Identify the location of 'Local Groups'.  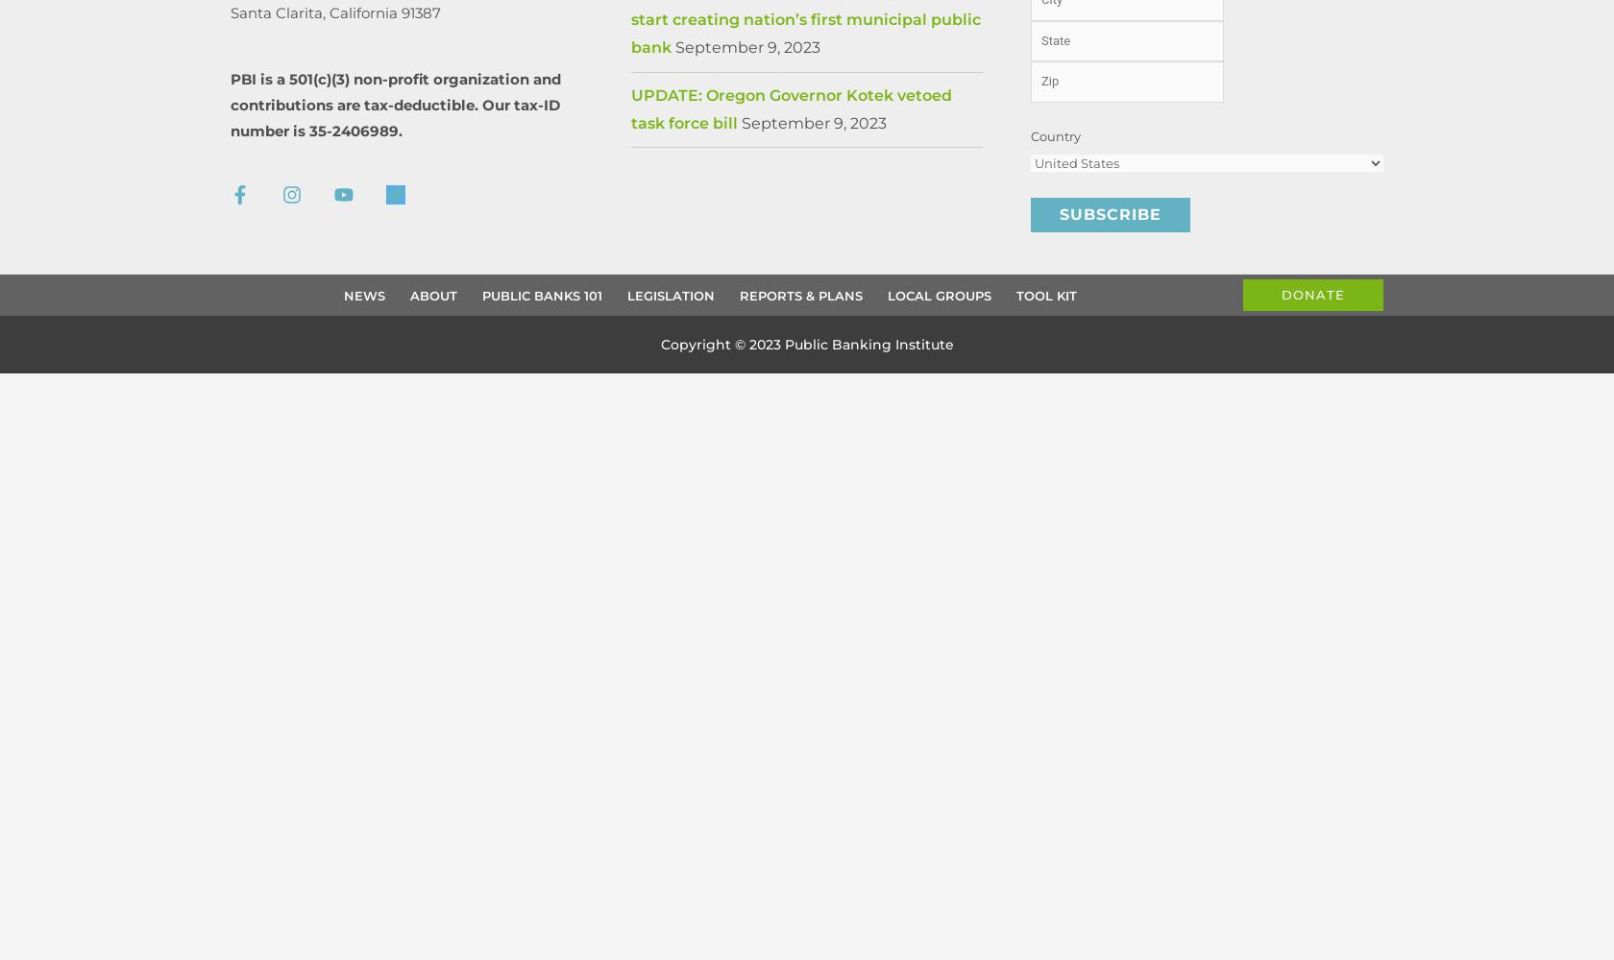
(939, 295).